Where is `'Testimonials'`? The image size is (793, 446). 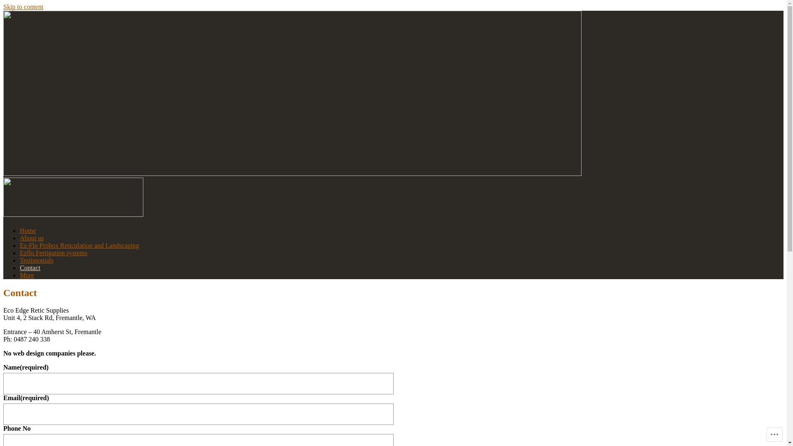
'Testimonials' is located at coordinates (20, 260).